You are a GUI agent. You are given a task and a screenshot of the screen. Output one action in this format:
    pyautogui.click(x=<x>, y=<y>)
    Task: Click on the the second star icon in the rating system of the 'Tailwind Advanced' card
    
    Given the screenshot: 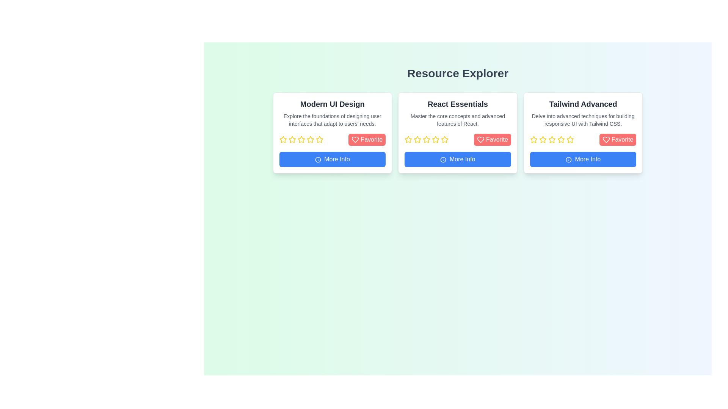 What is the action you would take?
    pyautogui.click(x=542, y=140)
    